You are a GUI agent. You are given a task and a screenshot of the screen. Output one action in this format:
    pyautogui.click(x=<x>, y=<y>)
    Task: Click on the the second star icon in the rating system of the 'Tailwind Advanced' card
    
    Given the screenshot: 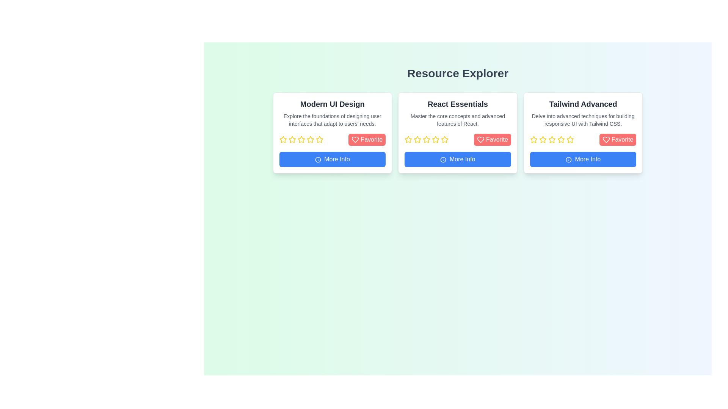 What is the action you would take?
    pyautogui.click(x=542, y=140)
    